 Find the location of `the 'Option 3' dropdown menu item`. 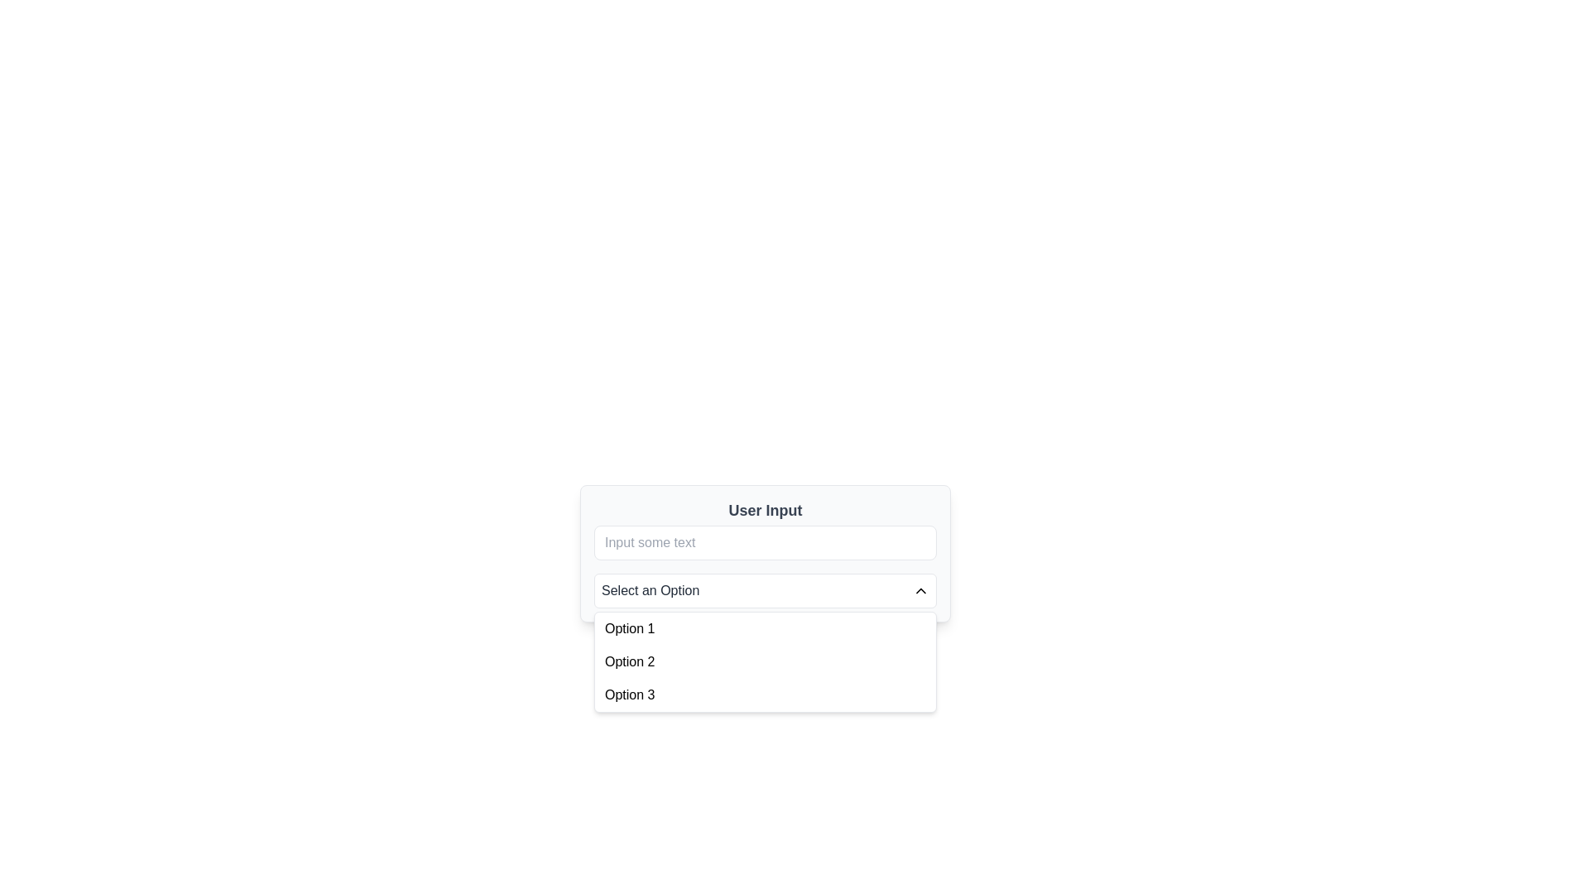

the 'Option 3' dropdown menu item is located at coordinates (765, 695).